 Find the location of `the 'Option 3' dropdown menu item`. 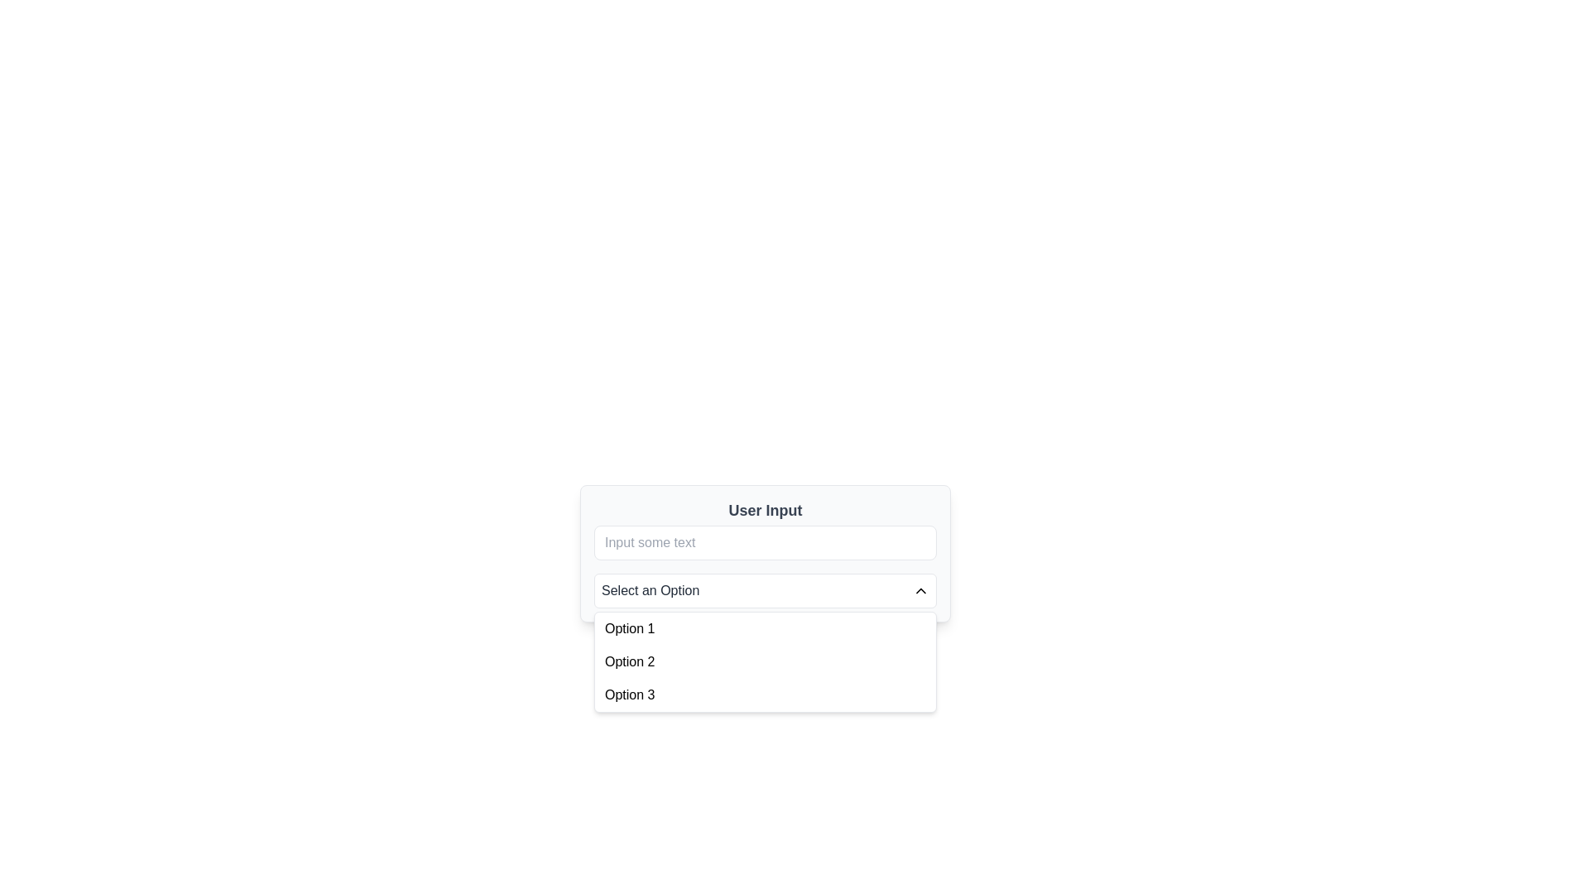

the 'Option 3' dropdown menu item is located at coordinates (765, 695).